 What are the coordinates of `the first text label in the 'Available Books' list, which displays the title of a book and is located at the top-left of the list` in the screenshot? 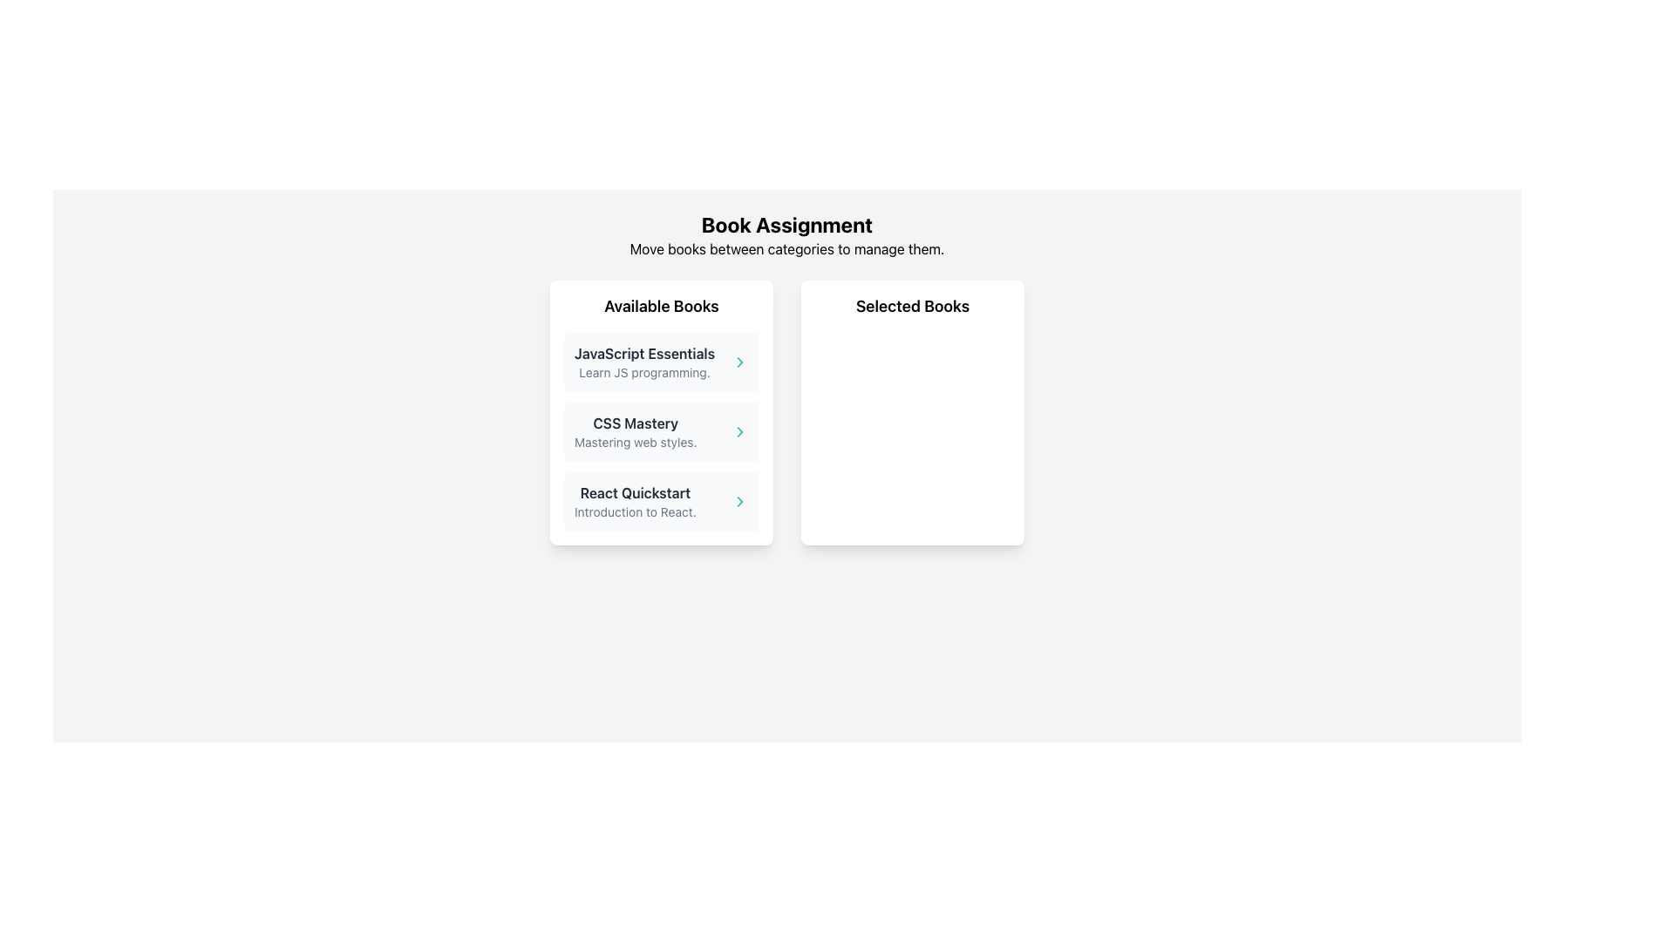 It's located at (643, 353).